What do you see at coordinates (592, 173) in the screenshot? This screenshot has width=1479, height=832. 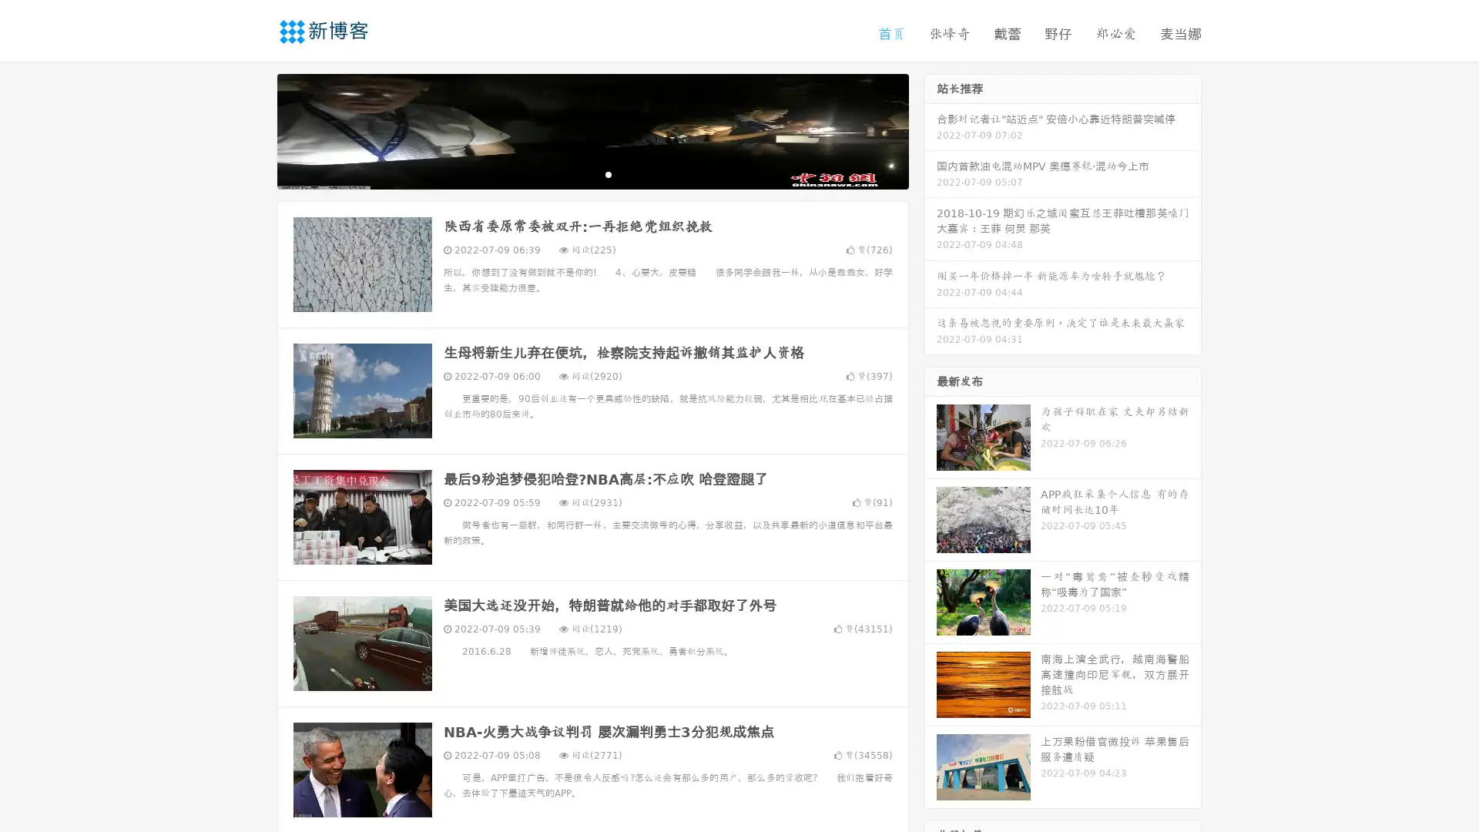 I see `Go to slide 2` at bounding box center [592, 173].